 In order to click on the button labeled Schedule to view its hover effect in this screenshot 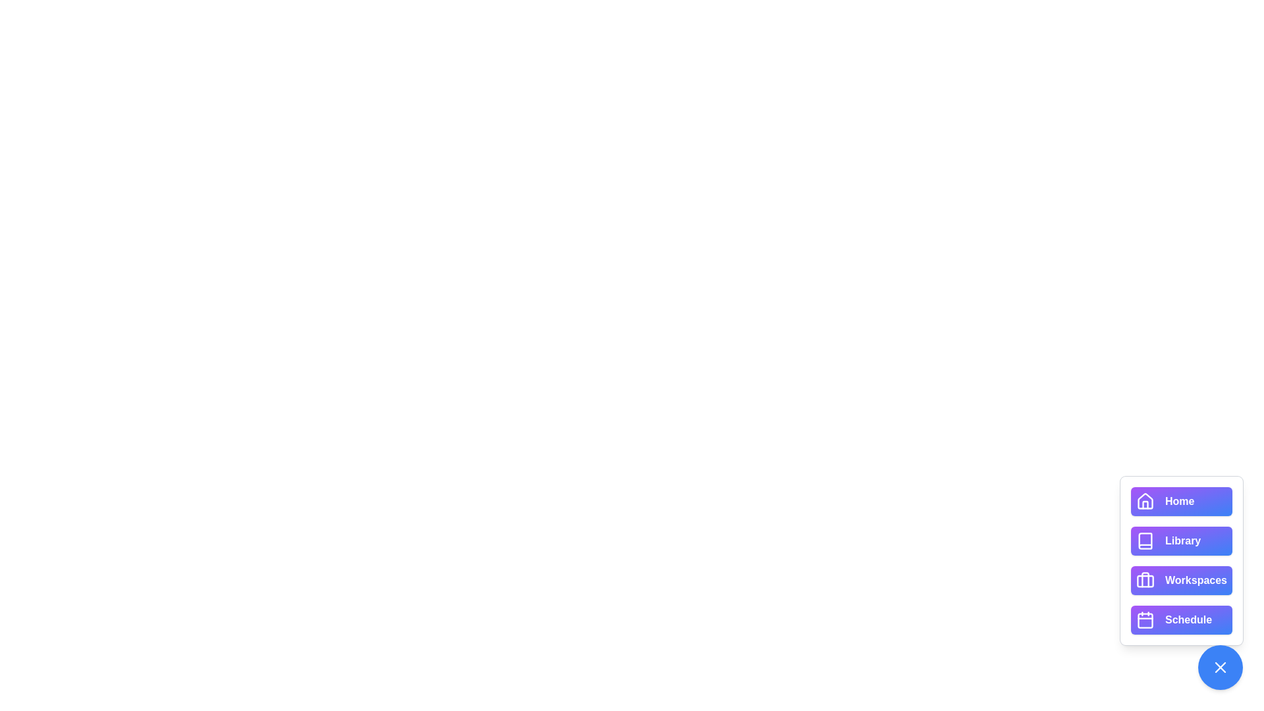, I will do `click(1182, 619)`.